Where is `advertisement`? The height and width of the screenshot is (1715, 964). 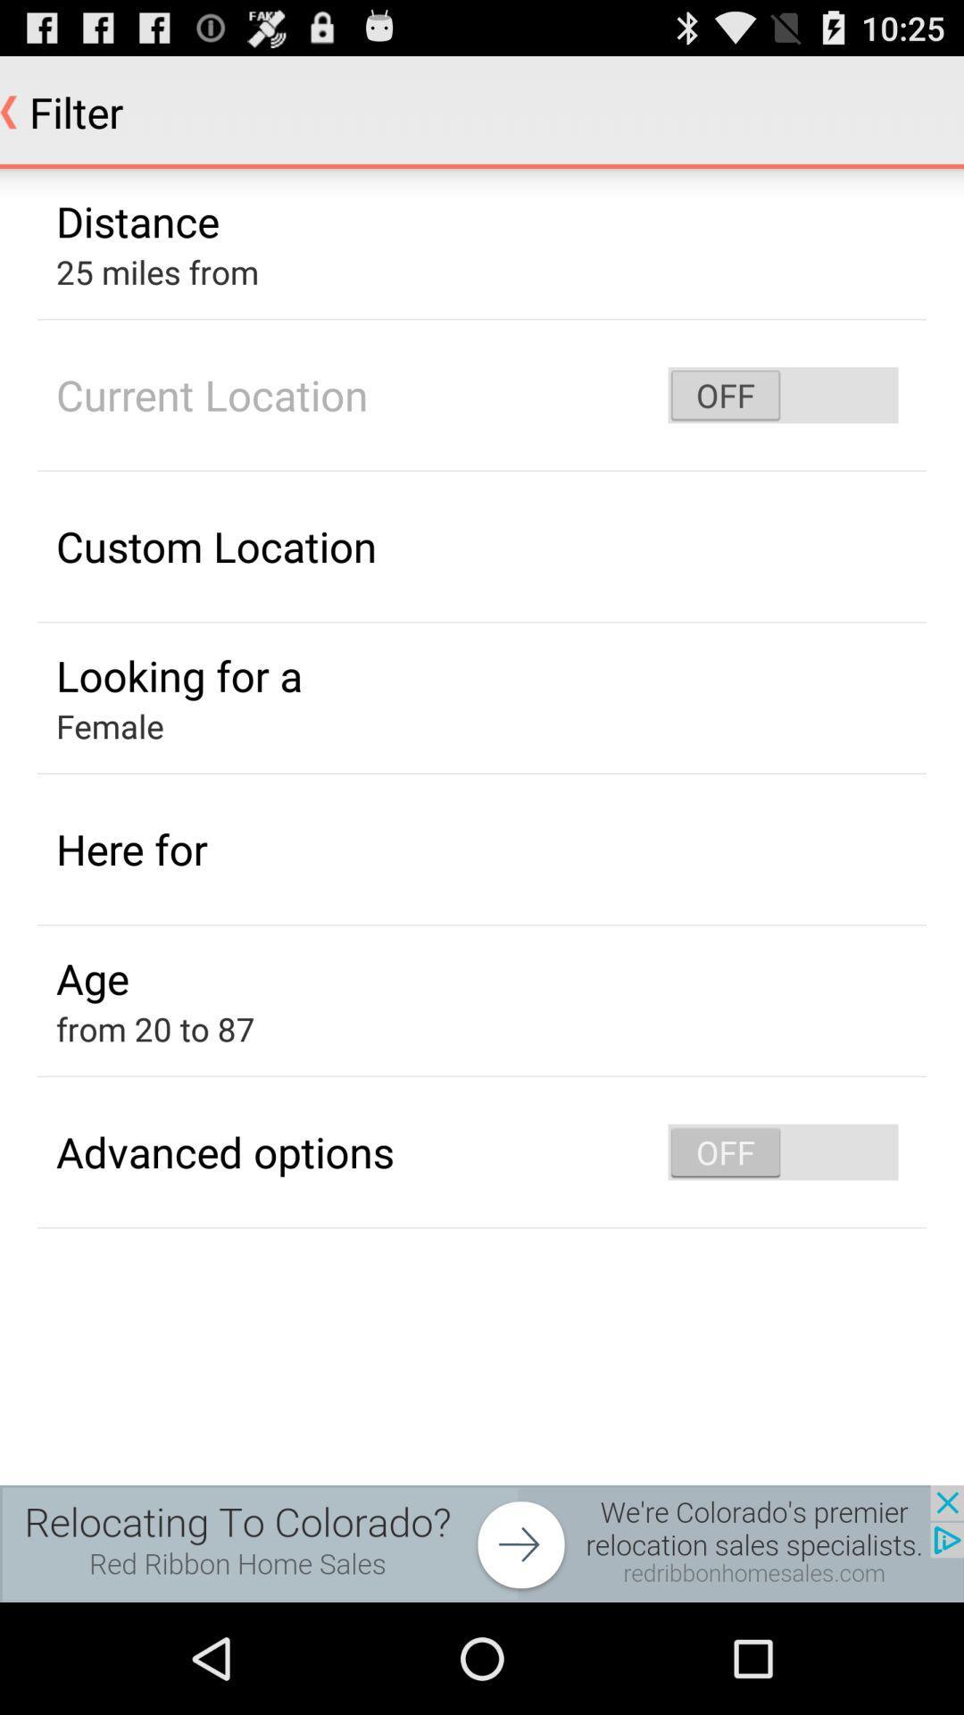 advertisement is located at coordinates (482, 1543).